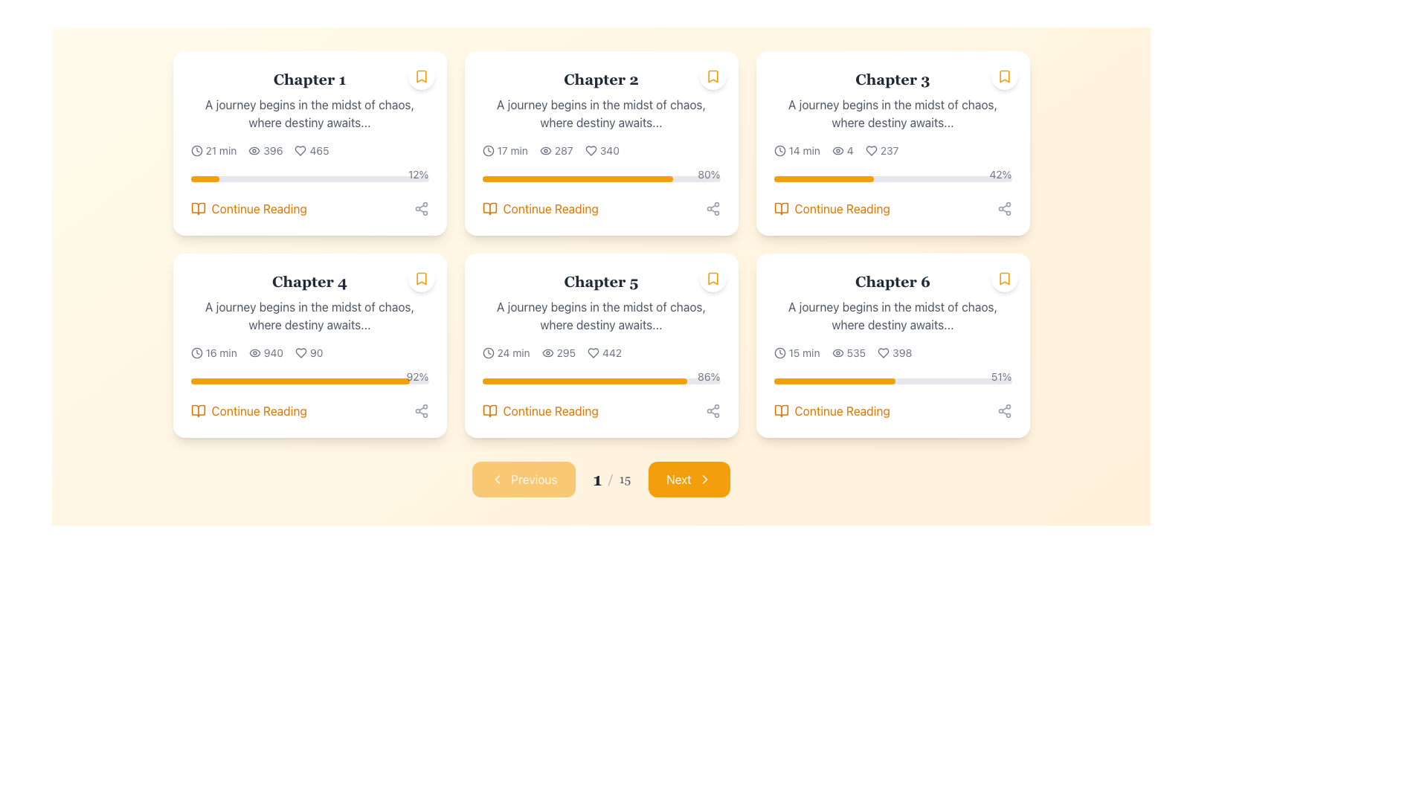 This screenshot has width=1428, height=803. Describe the element at coordinates (625, 479) in the screenshot. I see `the text label indicating the total number of pages in the pagination display, located at the bottom center of the layout` at that location.